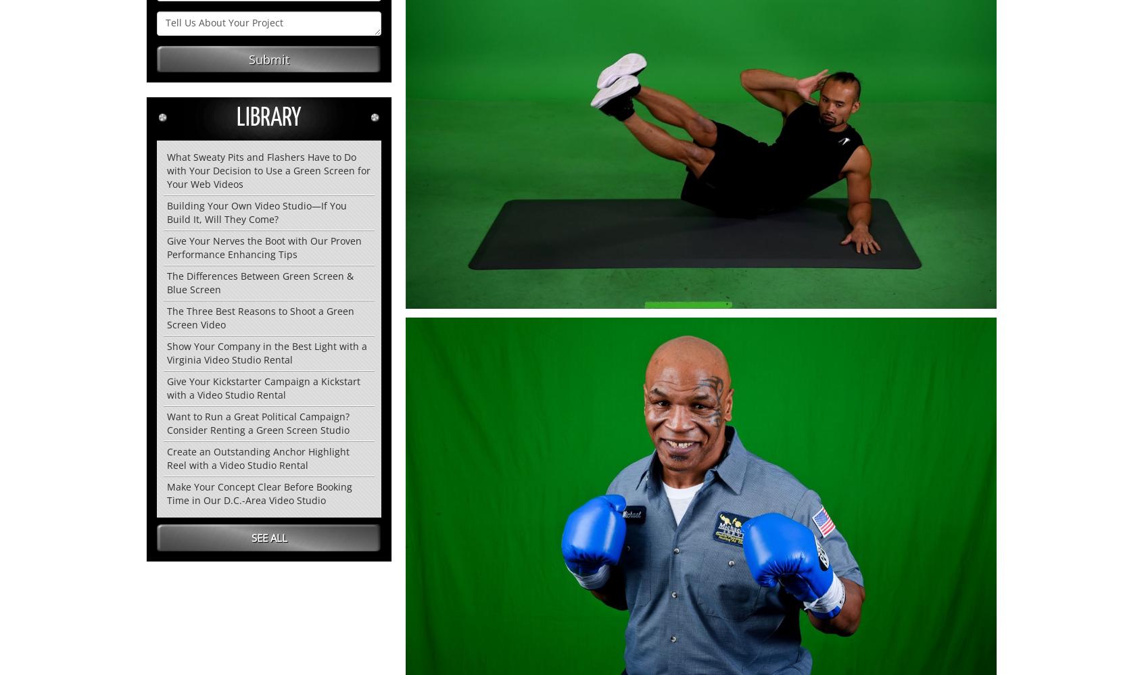 Image resolution: width=1144 pixels, height=675 pixels. I want to click on 'Create an Outstanding Anchor Highlight Reel with a Video Studio Rental', so click(258, 458).